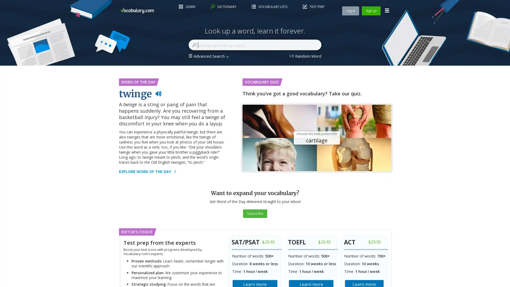 This screenshot has width=510, height=287. Describe the element at coordinates (387, 10) in the screenshot. I see `navigation menu` at that location.